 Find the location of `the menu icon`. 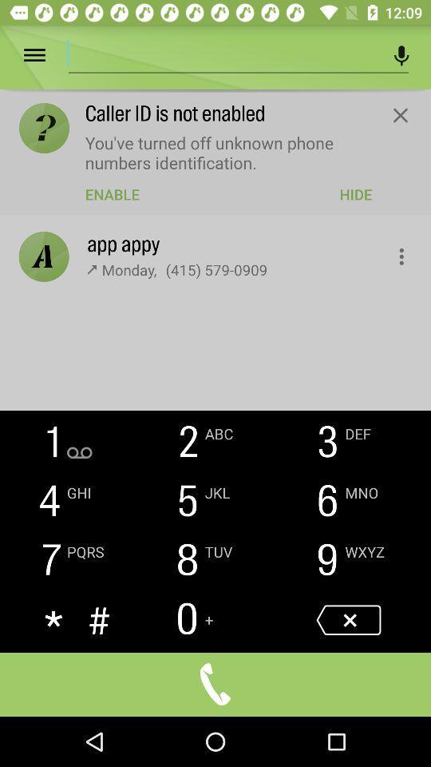

the menu icon is located at coordinates (45, 55).